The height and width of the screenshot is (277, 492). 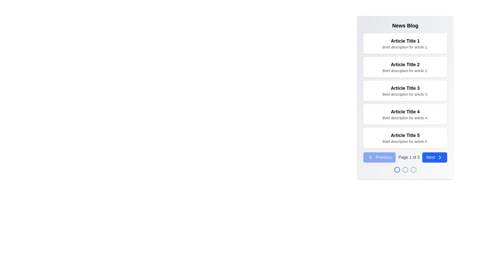 What do you see at coordinates (405, 64) in the screenshot?
I see `the title text element of the second article in the News Blog section, which is displayed in a rounded rectangle card with a white background` at bounding box center [405, 64].